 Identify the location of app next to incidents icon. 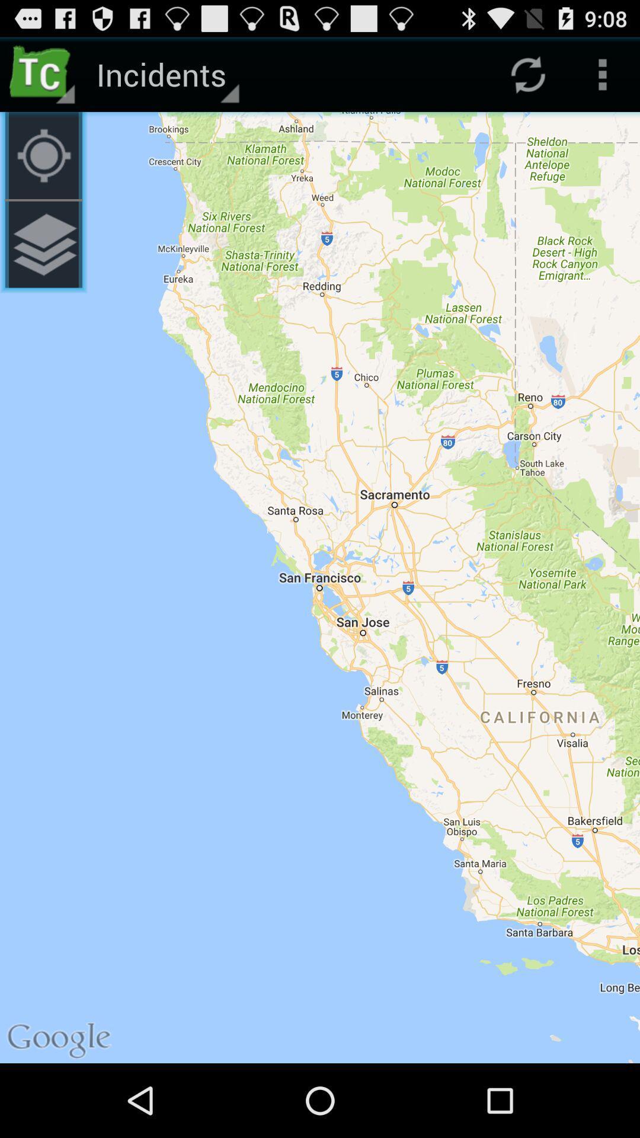
(43, 155).